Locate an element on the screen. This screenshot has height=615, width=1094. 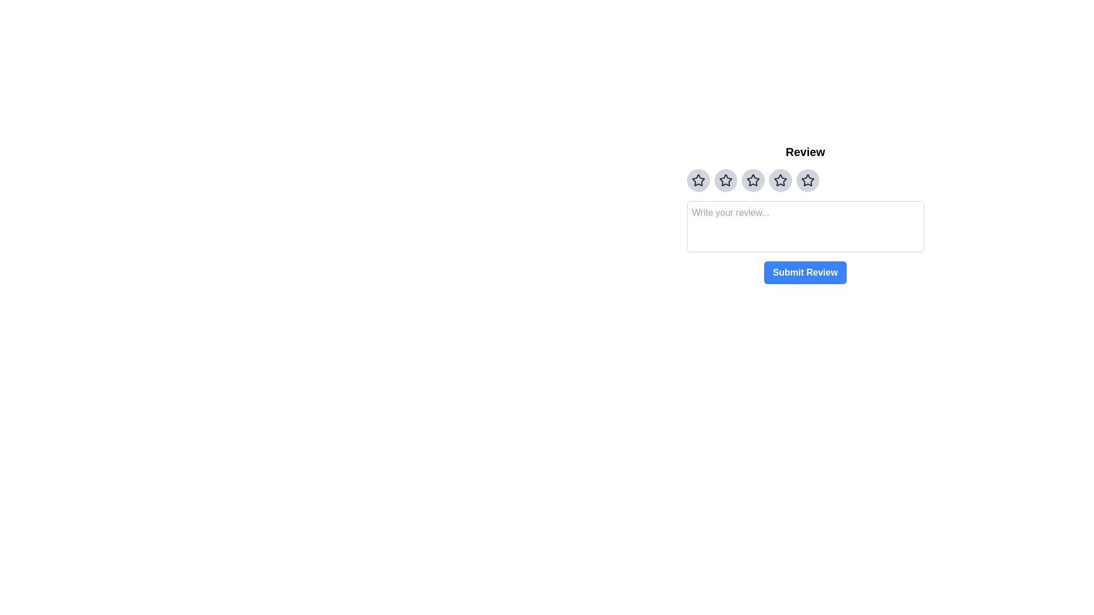
the fifth star button in a group of five horizontally aligned star buttons is located at coordinates (807, 179).